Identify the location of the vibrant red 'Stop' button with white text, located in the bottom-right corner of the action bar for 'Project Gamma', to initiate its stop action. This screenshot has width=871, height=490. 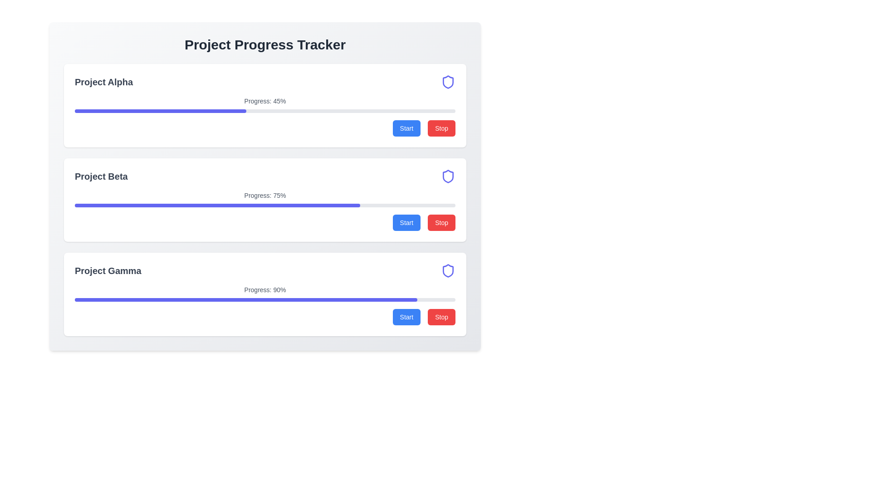
(441, 316).